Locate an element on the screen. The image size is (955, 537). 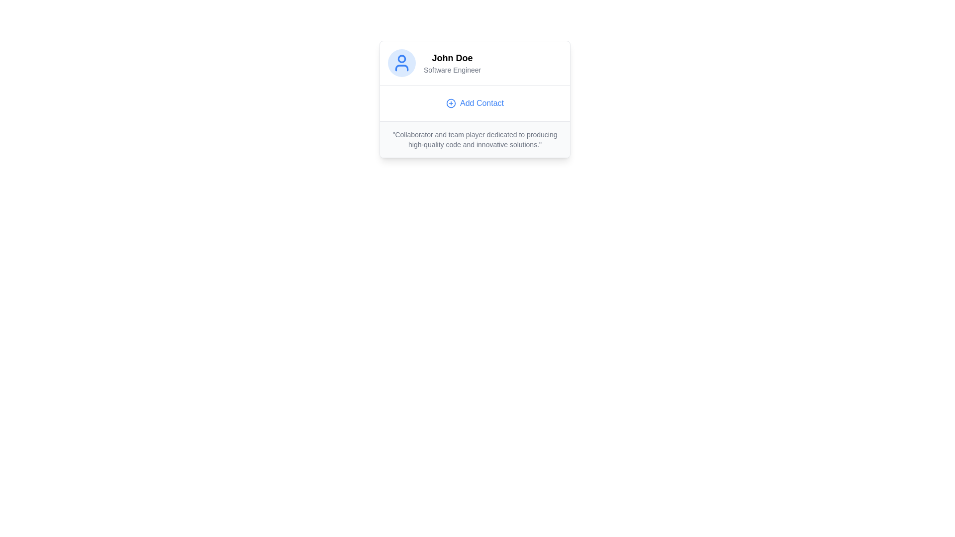
the static text element that reads 'Collaborator and team player dedicated to producing high-quality code and innovative solutions.' located below the 'John Doe' title and 'Add Contact' button is located at coordinates (475, 140).